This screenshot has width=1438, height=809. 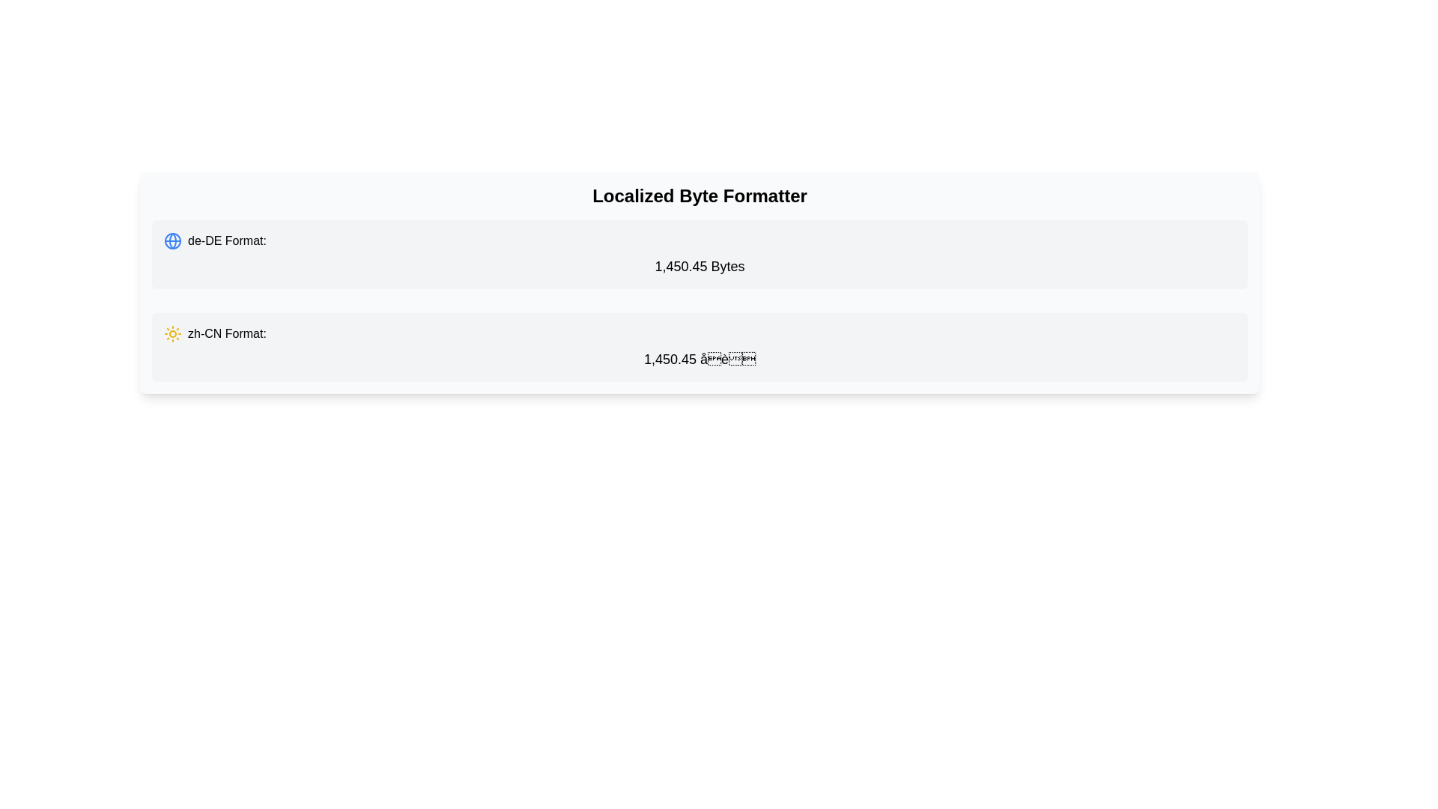 What do you see at coordinates (172, 240) in the screenshot?
I see `the 'Global' or 'Globe' icon that is located to the left of the 'de-DE Format' text label, serving as a visual indicator` at bounding box center [172, 240].